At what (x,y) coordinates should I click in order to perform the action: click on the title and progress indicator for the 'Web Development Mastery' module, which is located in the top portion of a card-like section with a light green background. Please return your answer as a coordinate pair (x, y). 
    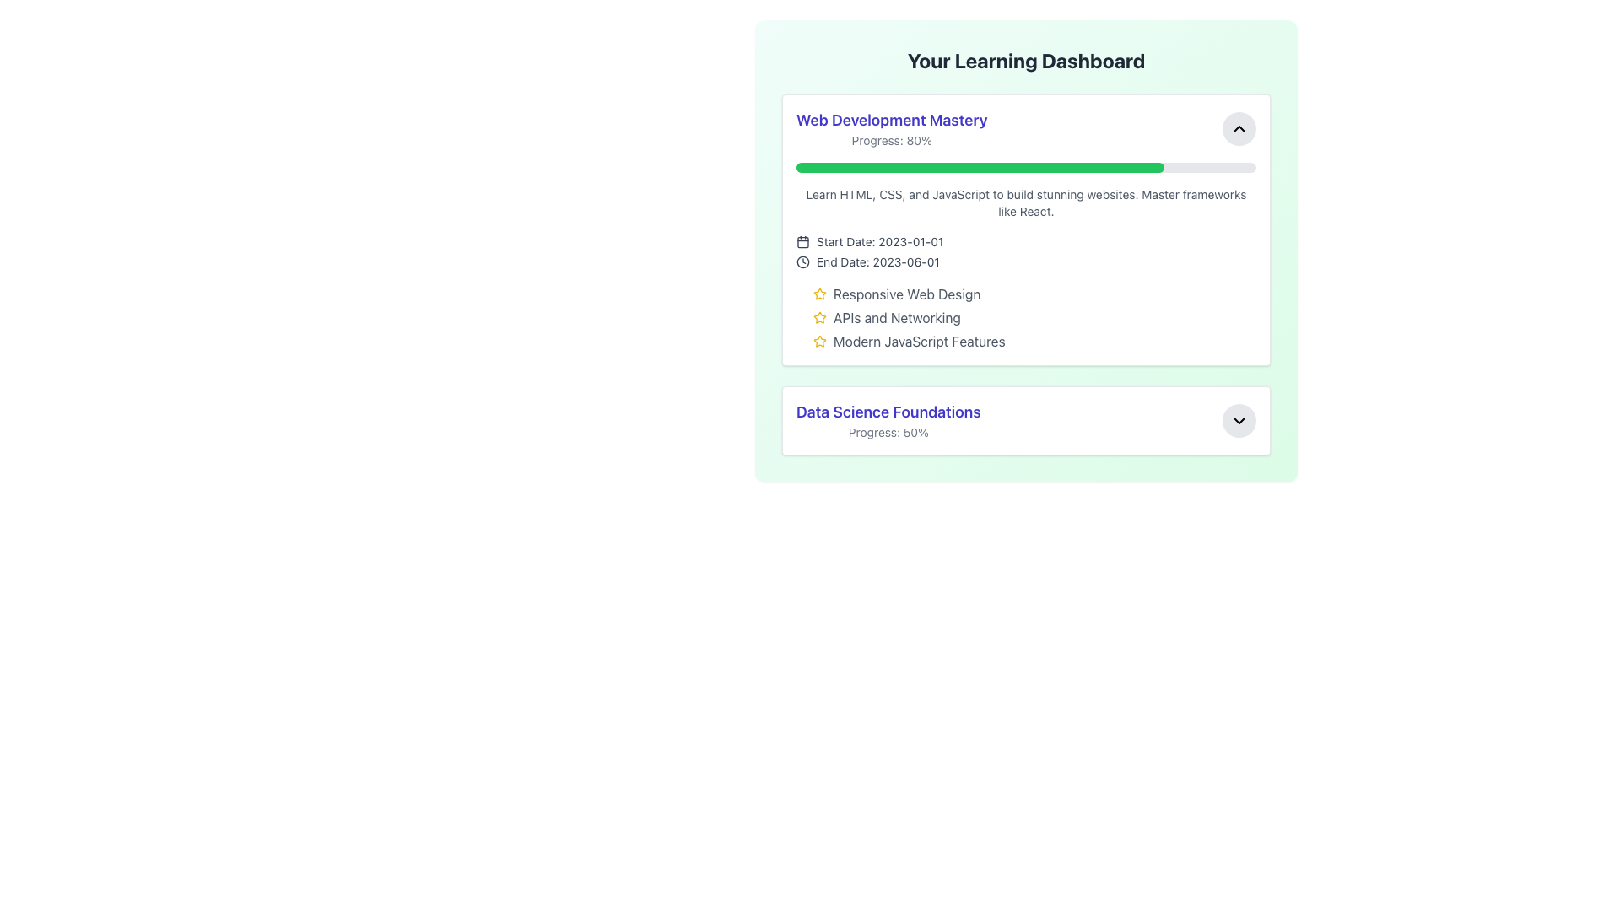
    Looking at the image, I should click on (891, 128).